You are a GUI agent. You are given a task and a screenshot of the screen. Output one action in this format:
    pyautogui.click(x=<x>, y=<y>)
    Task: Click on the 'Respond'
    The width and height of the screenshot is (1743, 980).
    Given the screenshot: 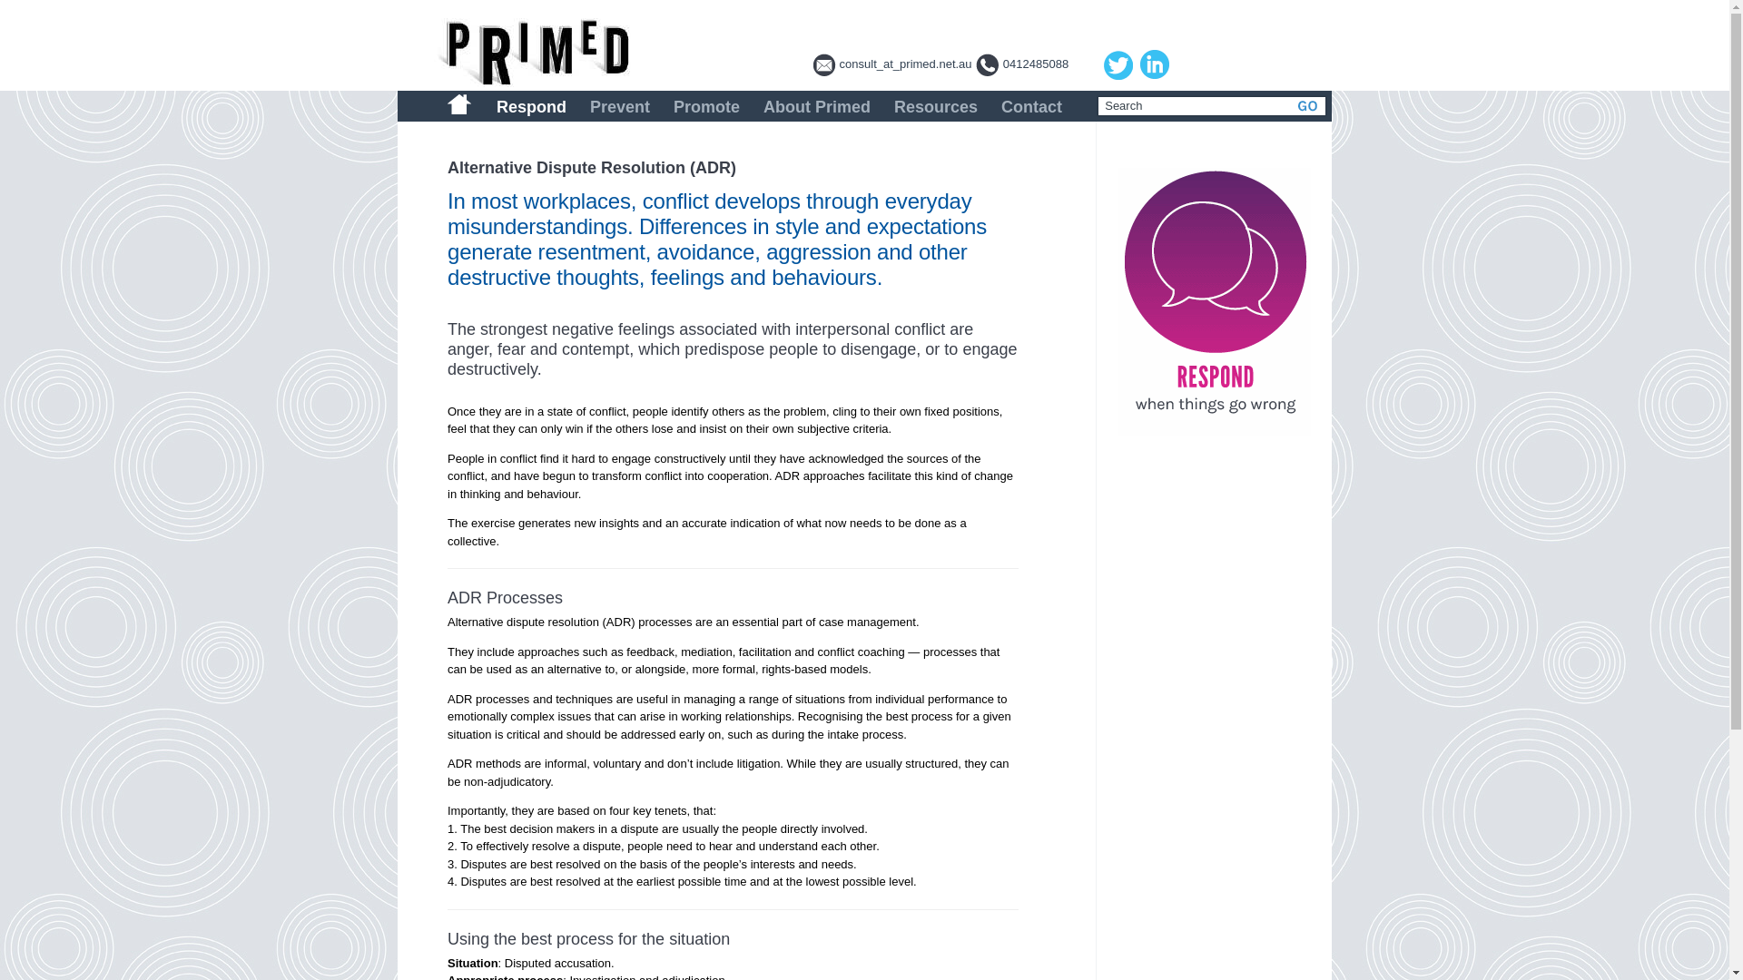 What is the action you would take?
    pyautogui.click(x=530, y=103)
    